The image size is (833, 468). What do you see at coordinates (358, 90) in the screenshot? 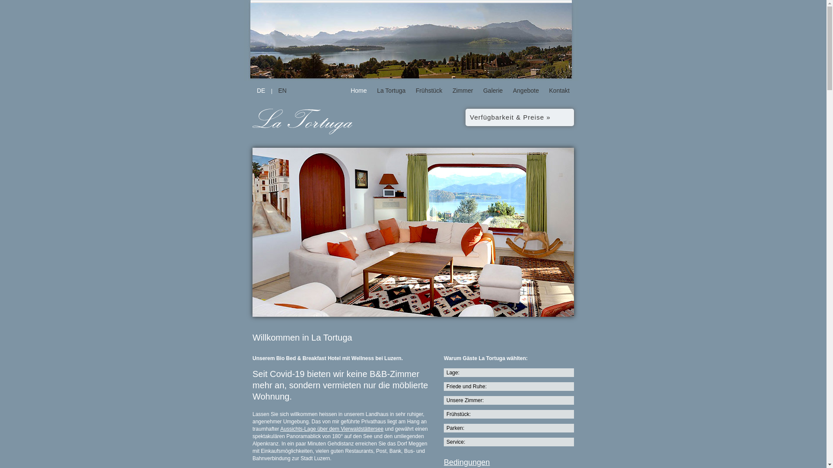
I see `'Home'` at bounding box center [358, 90].